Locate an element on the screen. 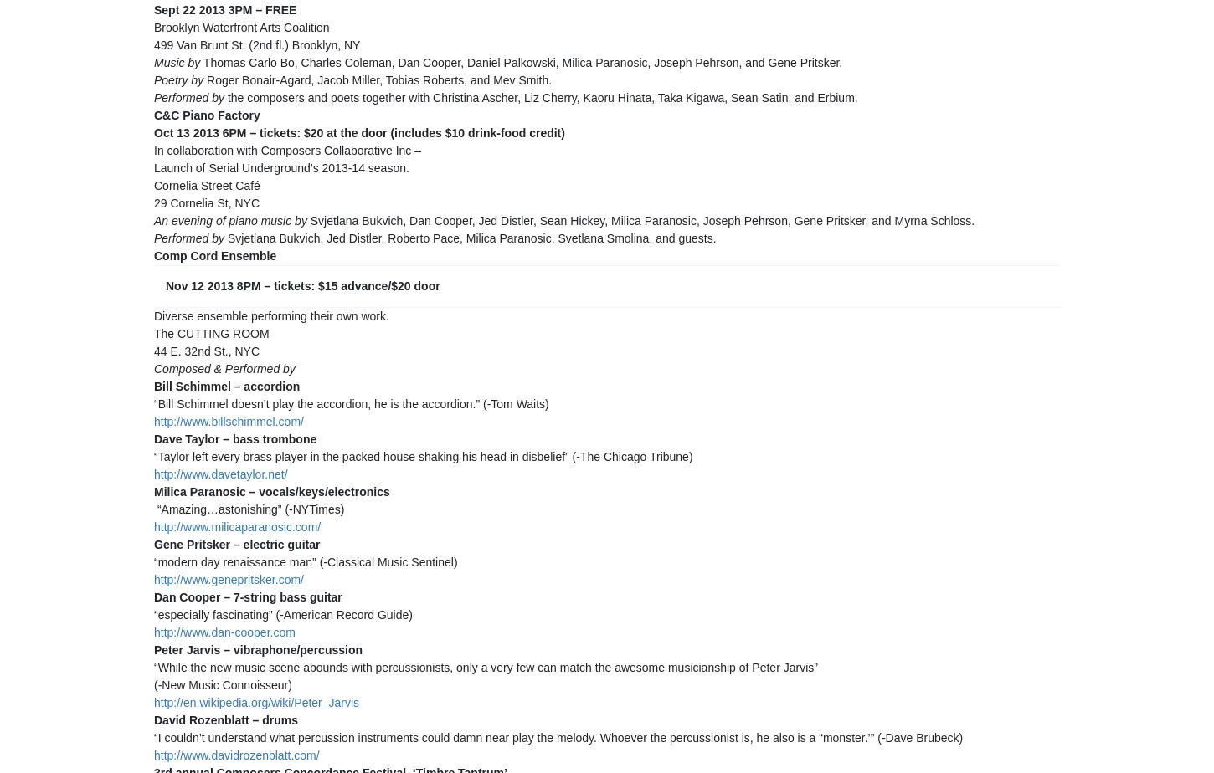 The image size is (1214, 773). 'http://www.genepritsker.com/' is located at coordinates (153, 580).